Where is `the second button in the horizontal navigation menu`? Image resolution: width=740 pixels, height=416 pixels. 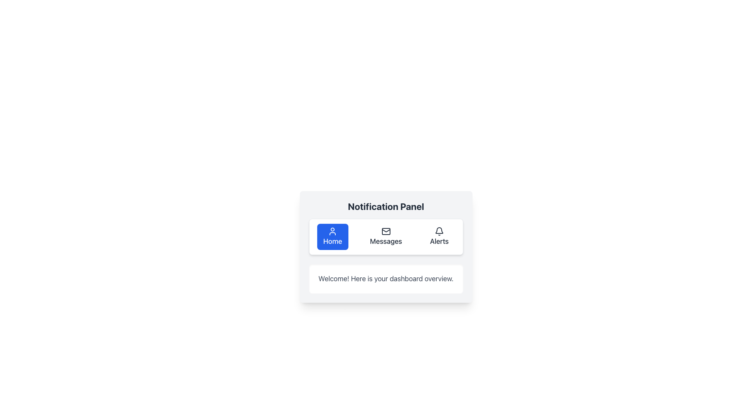
the second button in the horizontal navigation menu is located at coordinates (386, 236).